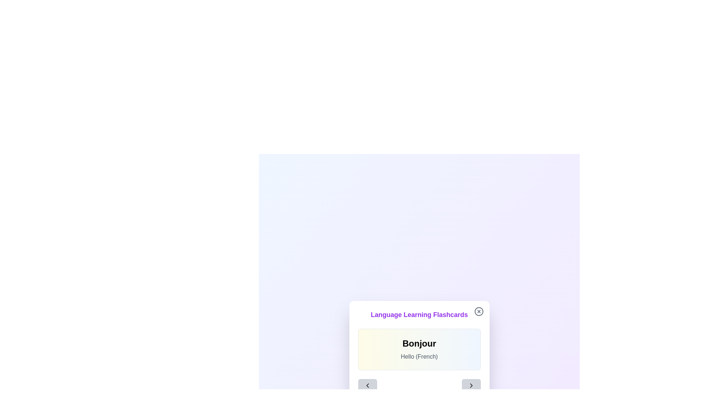 This screenshot has height=394, width=701. What do you see at coordinates (479, 311) in the screenshot?
I see `the close button located at the top-right corner of the 'Language Learning Flashcards' card to trigger the hover effect` at bounding box center [479, 311].